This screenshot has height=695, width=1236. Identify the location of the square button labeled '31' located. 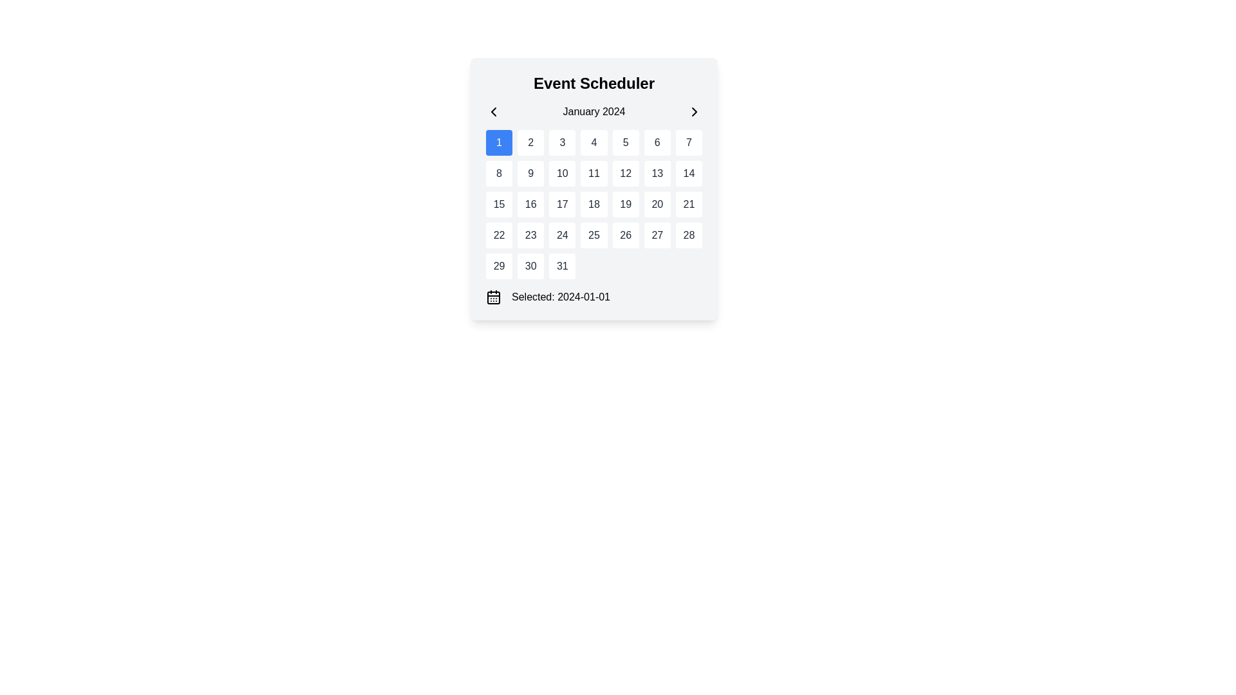
(562, 265).